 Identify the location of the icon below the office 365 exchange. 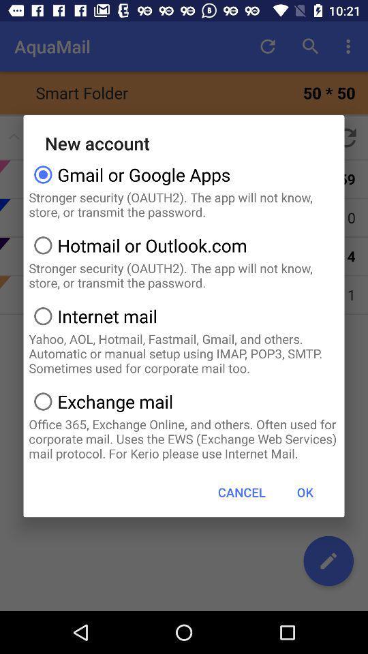
(241, 491).